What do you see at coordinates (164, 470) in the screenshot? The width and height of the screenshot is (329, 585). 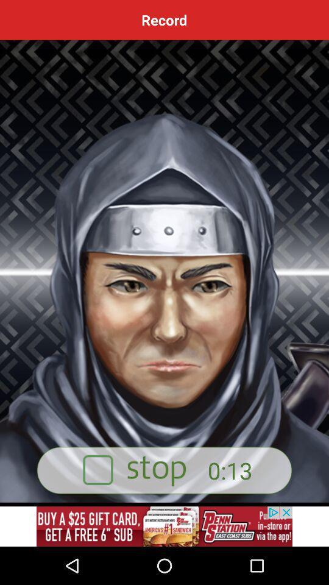 I see `stop button` at bounding box center [164, 470].